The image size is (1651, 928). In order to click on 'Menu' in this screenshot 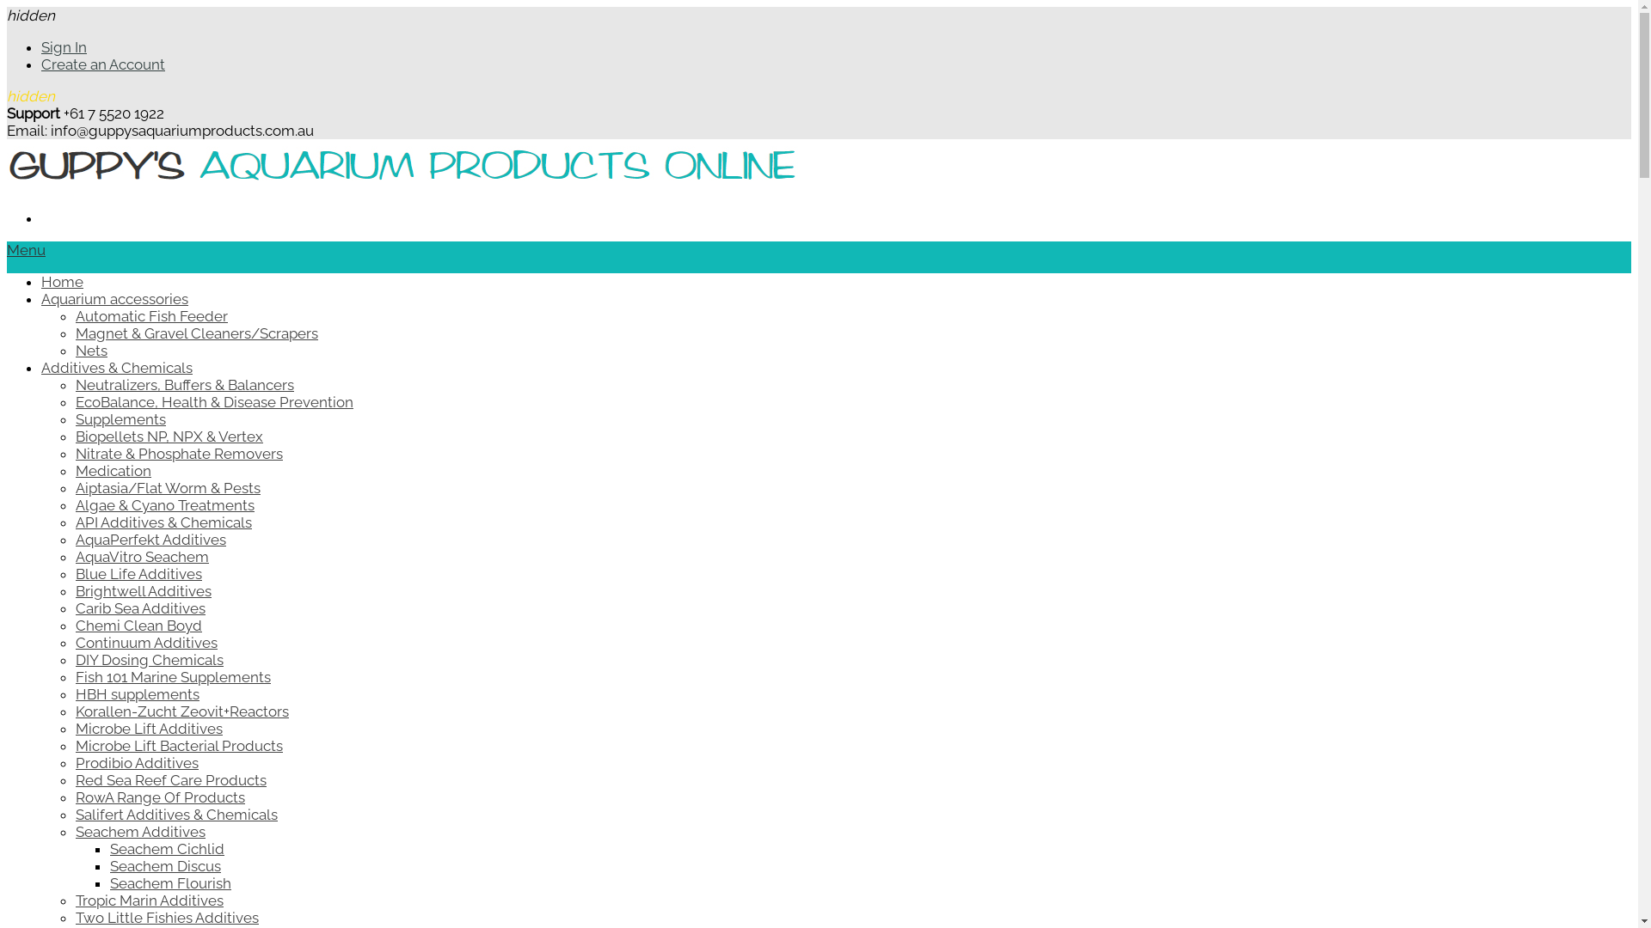, I will do `click(26, 249)`.